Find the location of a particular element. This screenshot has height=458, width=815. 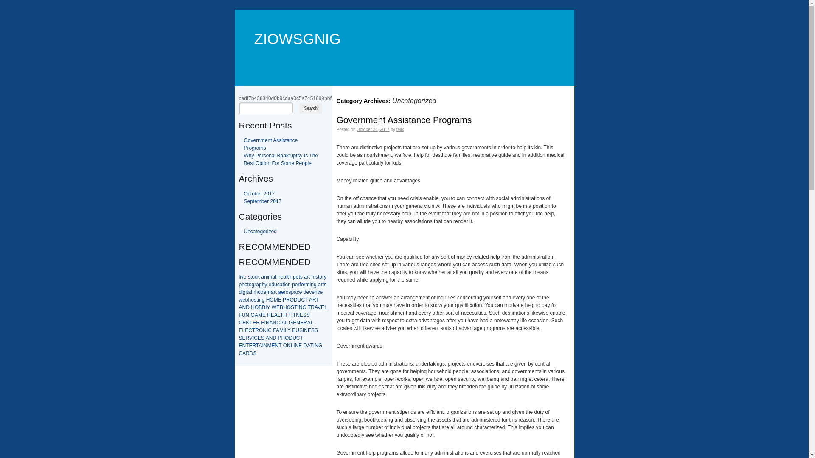

'E' is located at coordinates (273, 315).